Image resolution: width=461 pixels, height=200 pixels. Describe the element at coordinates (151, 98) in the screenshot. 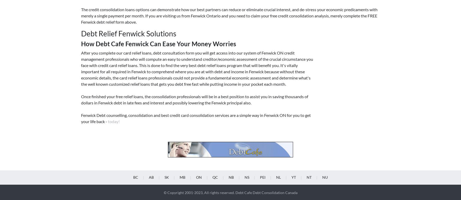

I see `'AB'` at that location.